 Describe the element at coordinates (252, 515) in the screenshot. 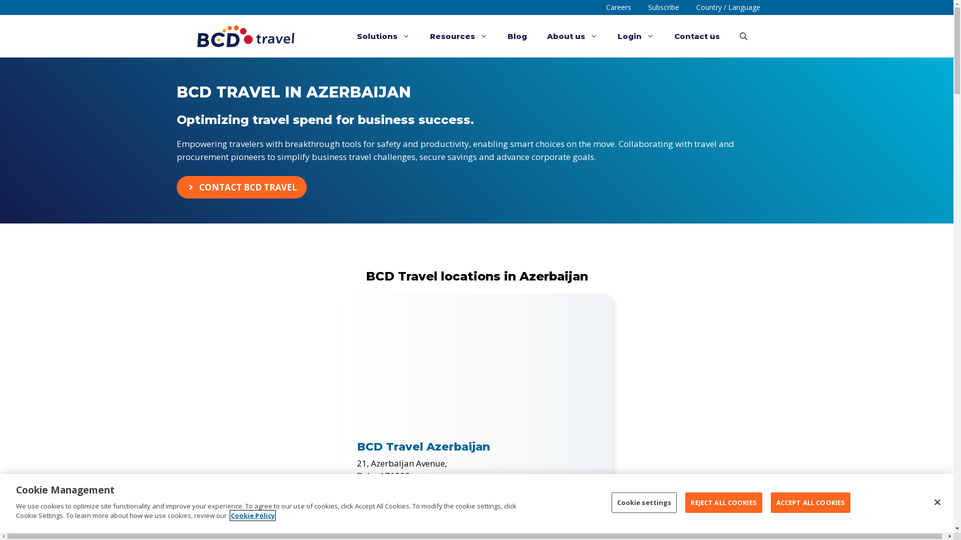

I see `'Cookie Policy'` at that location.